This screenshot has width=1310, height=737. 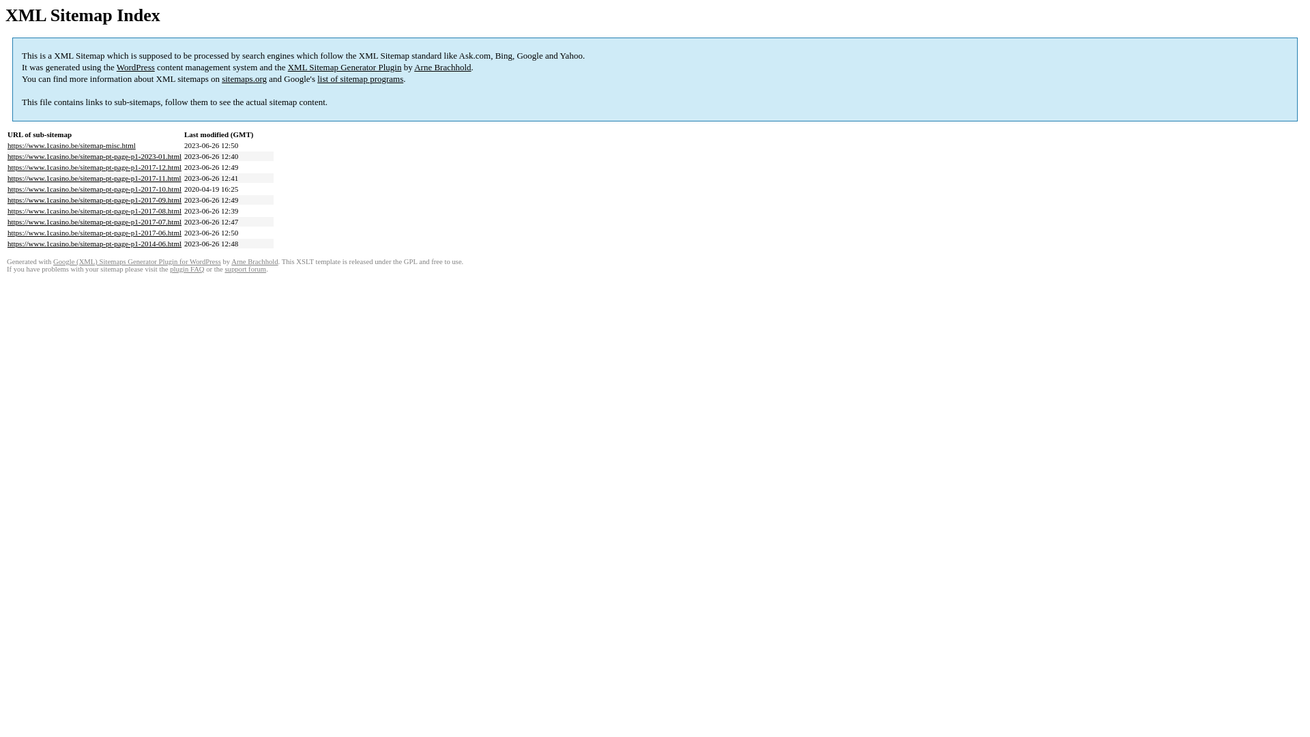 What do you see at coordinates (93, 231) in the screenshot?
I see `'https://www.1casino.be/sitemap-pt-page-p1-2017-06.html'` at bounding box center [93, 231].